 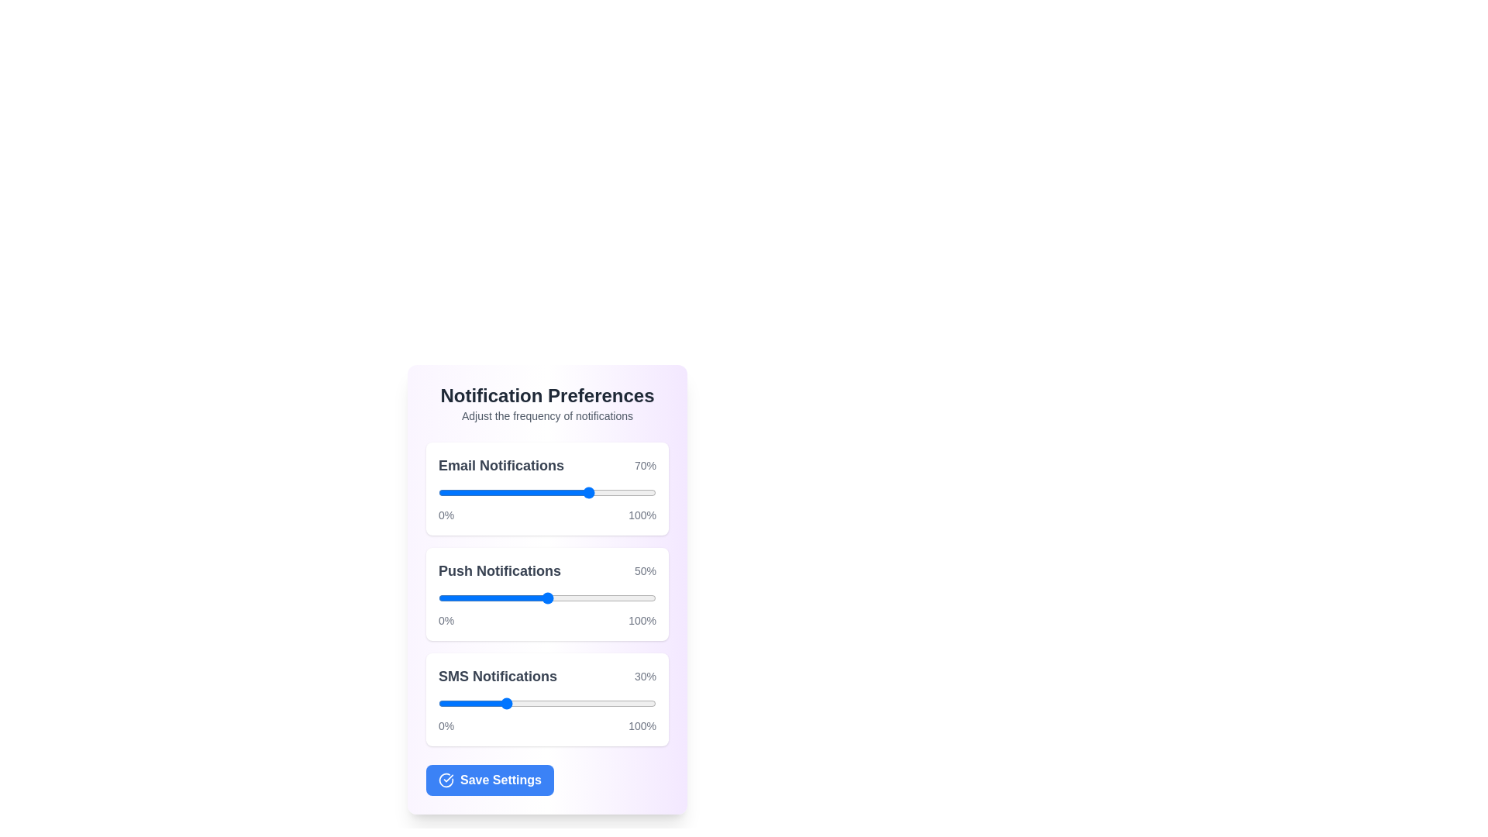 What do you see at coordinates (547, 402) in the screenshot?
I see `the text label at the top of the card that describes notification preferences` at bounding box center [547, 402].